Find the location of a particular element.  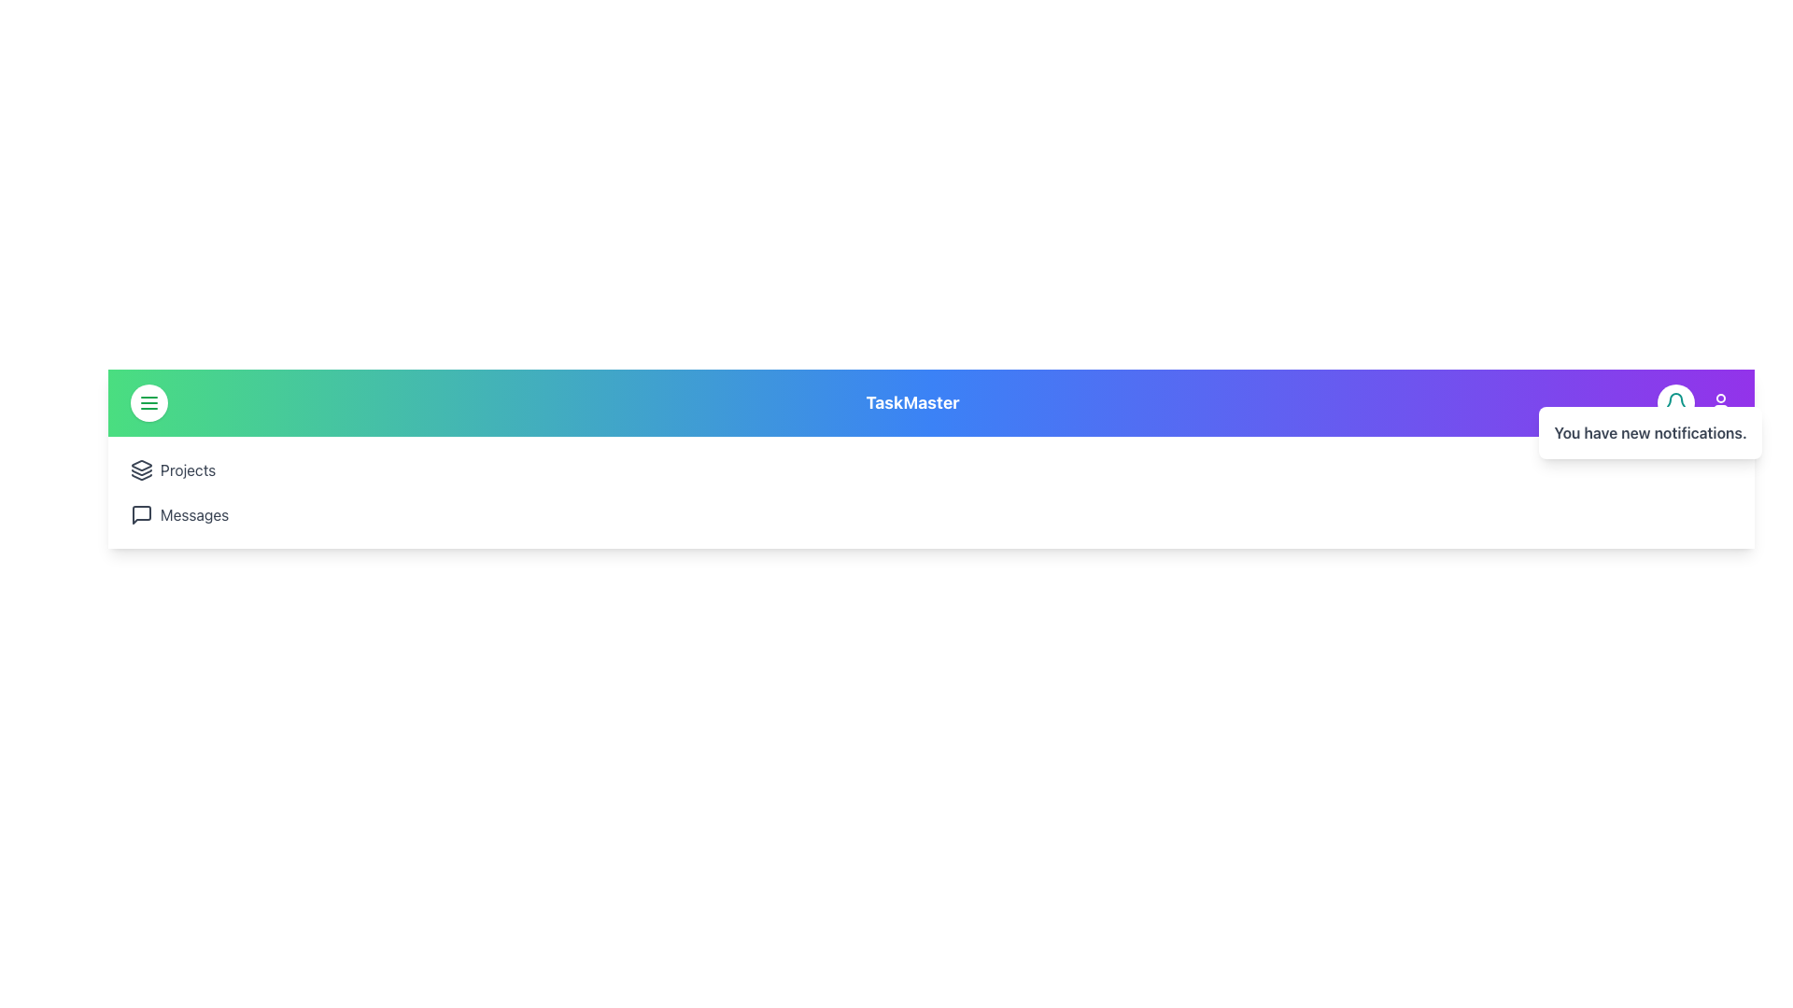

the bell icon located in the upper-right corner of the purple header section is located at coordinates (1676, 399).